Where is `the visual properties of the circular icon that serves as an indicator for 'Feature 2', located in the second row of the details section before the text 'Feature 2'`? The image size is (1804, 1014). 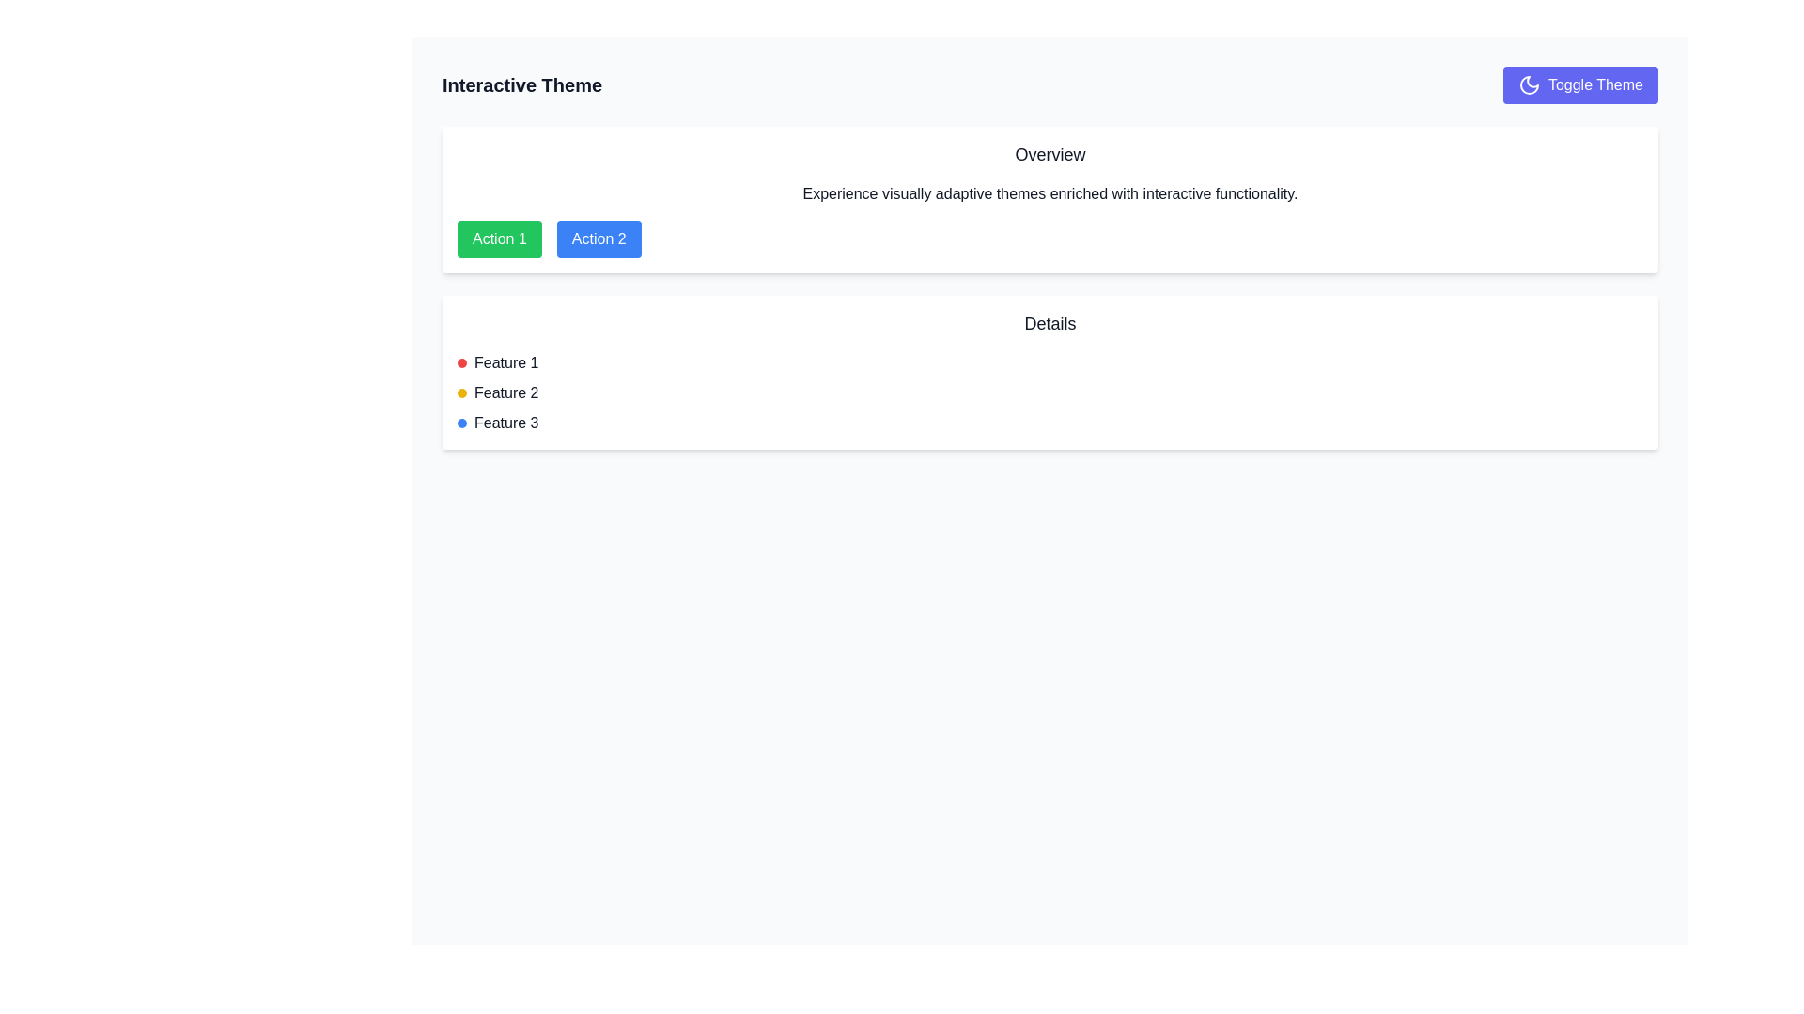
the visual properties of the circular icon that serves as an indicator for 'Feature 2', located in the second row of the details section before the text 'Feature 2' is located at coordinates (461, 392).